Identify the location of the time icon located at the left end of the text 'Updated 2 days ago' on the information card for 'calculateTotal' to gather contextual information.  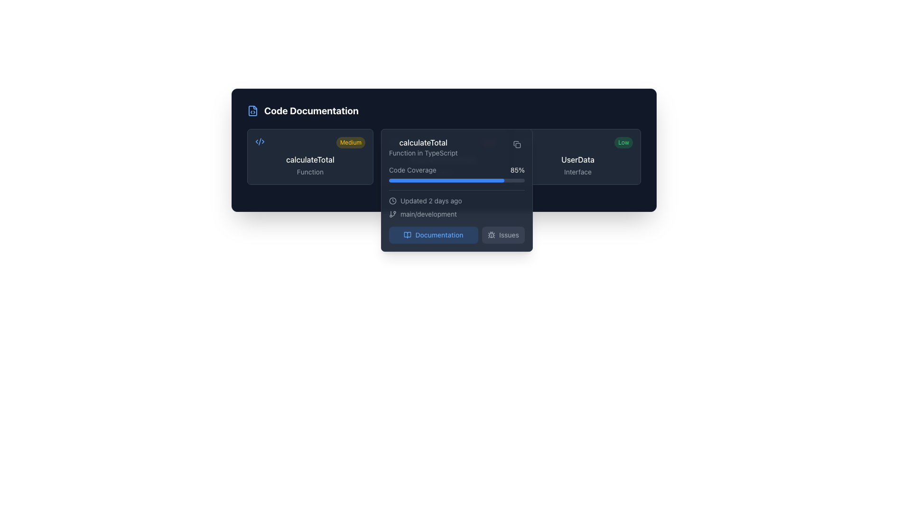
(393, 201).